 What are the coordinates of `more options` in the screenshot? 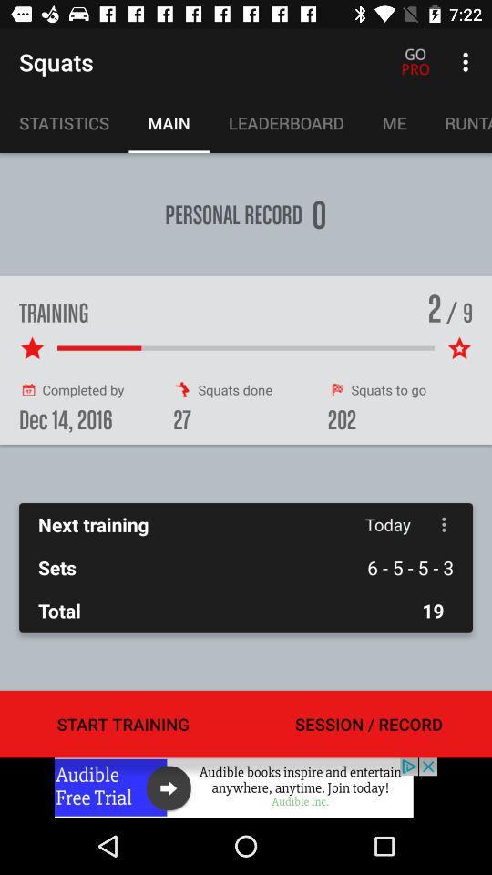 It's located at (443, 524).